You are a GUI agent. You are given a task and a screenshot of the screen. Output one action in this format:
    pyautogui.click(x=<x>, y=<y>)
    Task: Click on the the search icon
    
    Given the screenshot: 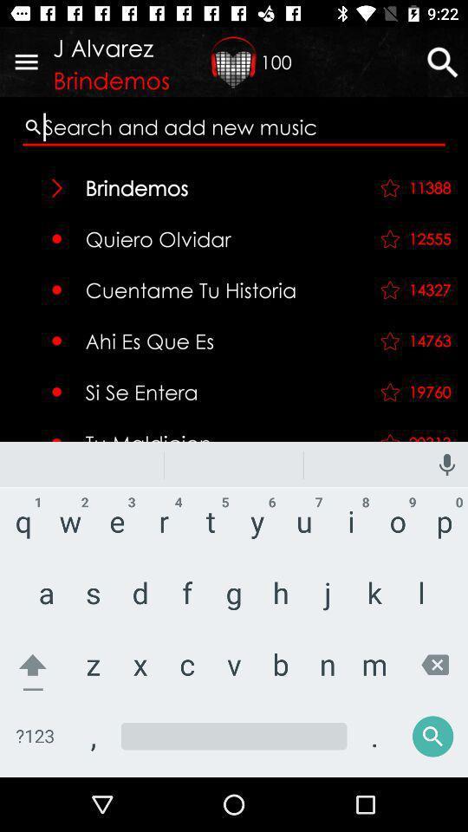 What is the action you would take?
    pyautogui.click(x=417, y=725)
    